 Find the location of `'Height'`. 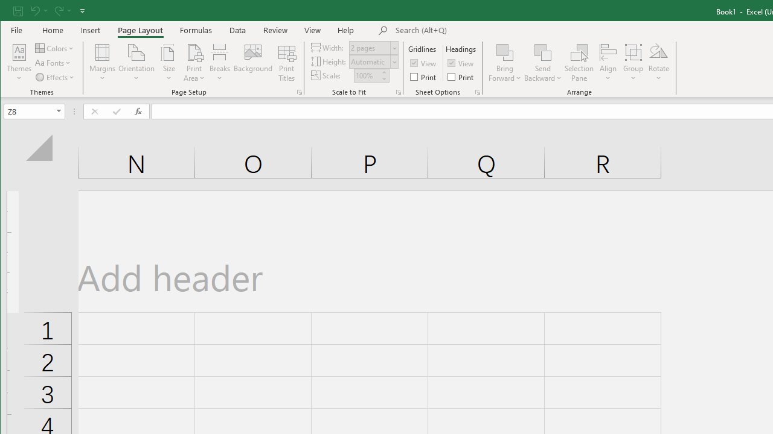

'Height' is located at coordinates (373, 61).